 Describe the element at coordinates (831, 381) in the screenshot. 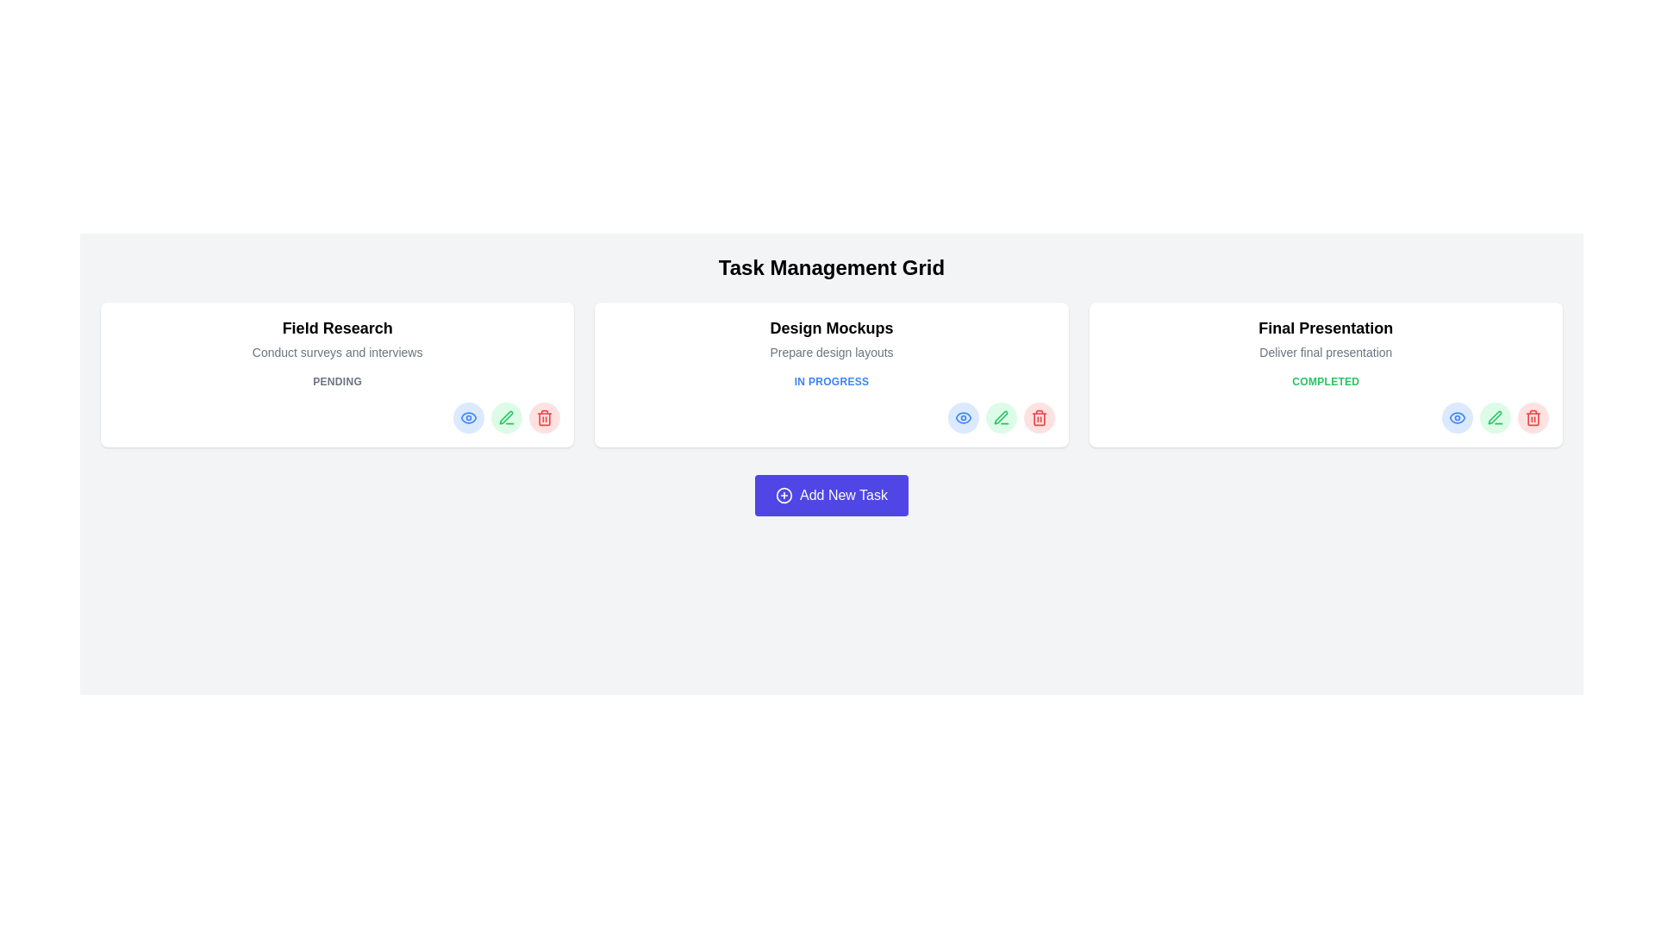

I see `the status label indicating that the task 'Design Mockups' is currently in progress, which is located within the second task card, centered horizontally below 'Prepare design layouts'` at that location.